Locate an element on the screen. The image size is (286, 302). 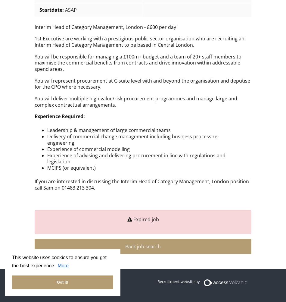
'MCIPS (or equivalent)' is located at coordinates (71, 168).